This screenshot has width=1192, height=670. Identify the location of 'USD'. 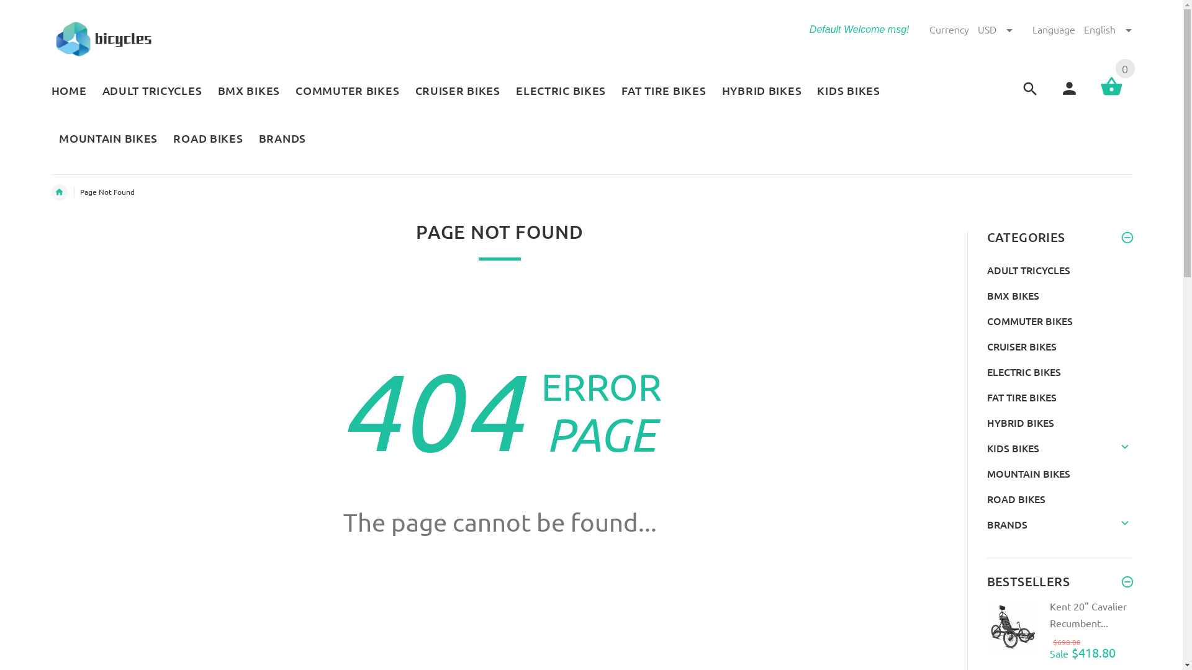
(995, 28).